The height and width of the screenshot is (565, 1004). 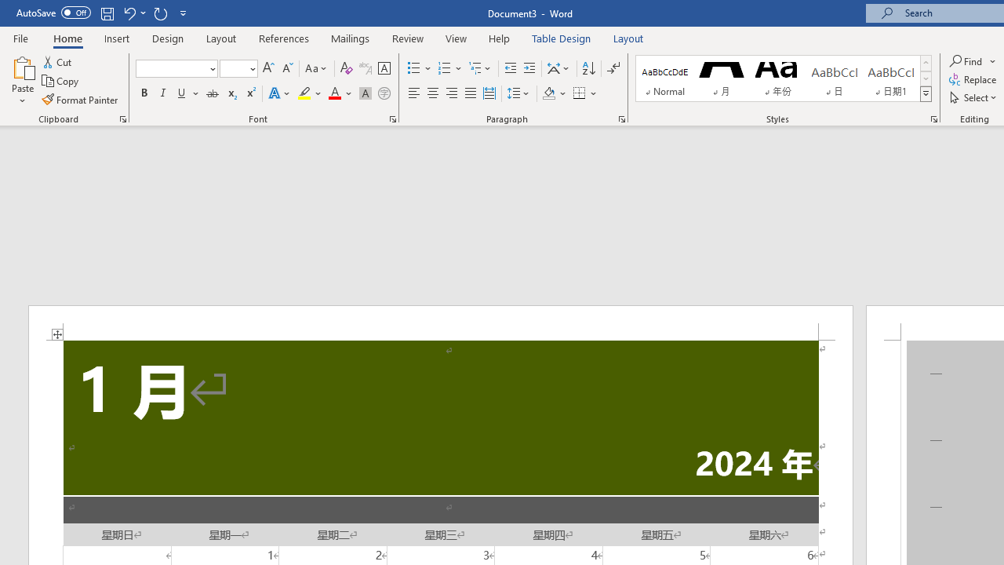 I want to click on 'Format Painter', so click(x=80, y=100).